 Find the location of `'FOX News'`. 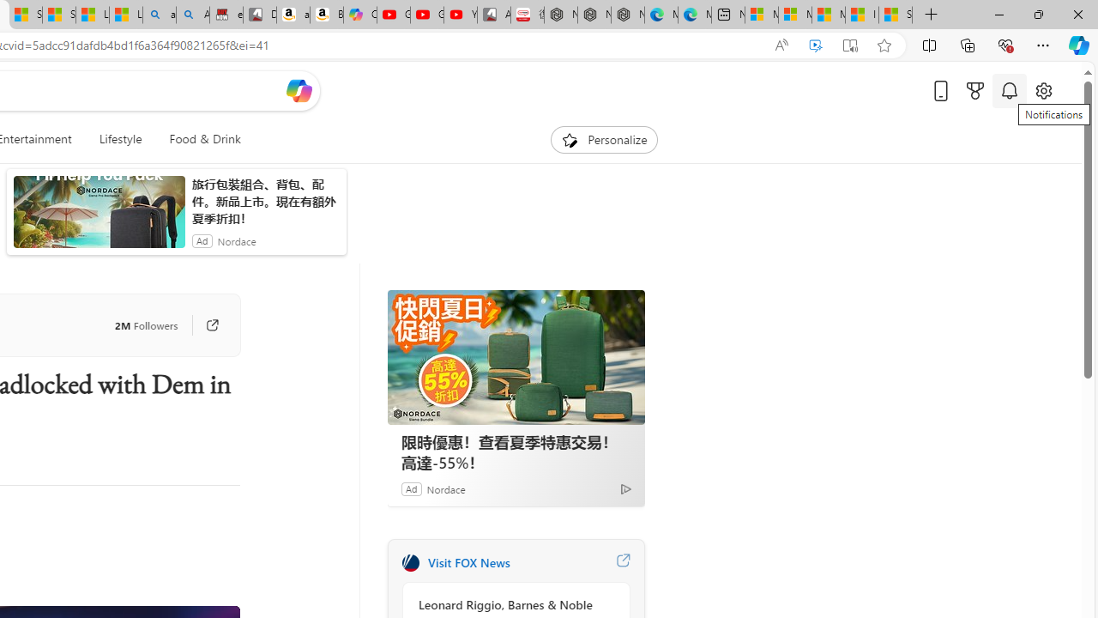

'FOX News' is located at coordinates (409, 562).